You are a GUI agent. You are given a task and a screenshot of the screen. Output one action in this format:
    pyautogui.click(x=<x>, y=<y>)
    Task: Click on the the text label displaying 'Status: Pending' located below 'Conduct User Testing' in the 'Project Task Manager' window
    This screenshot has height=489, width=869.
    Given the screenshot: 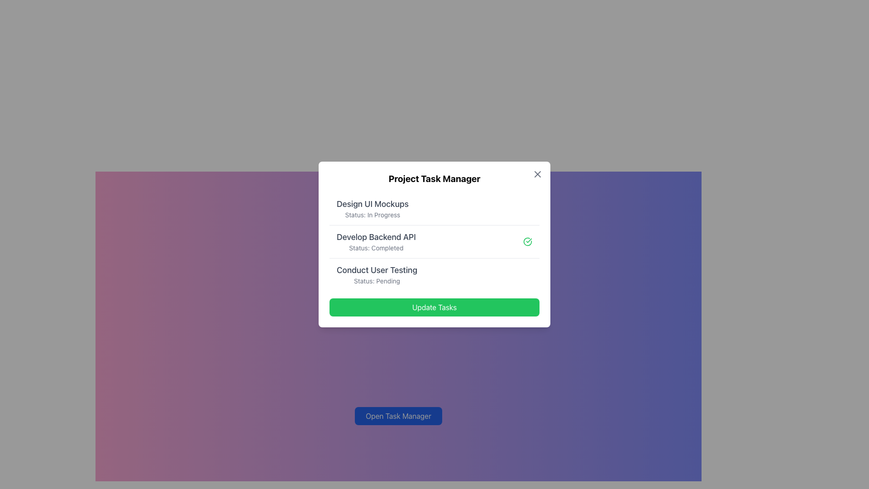 What is the action you would take?
    pyautogui.click(x=377, y=281)
    